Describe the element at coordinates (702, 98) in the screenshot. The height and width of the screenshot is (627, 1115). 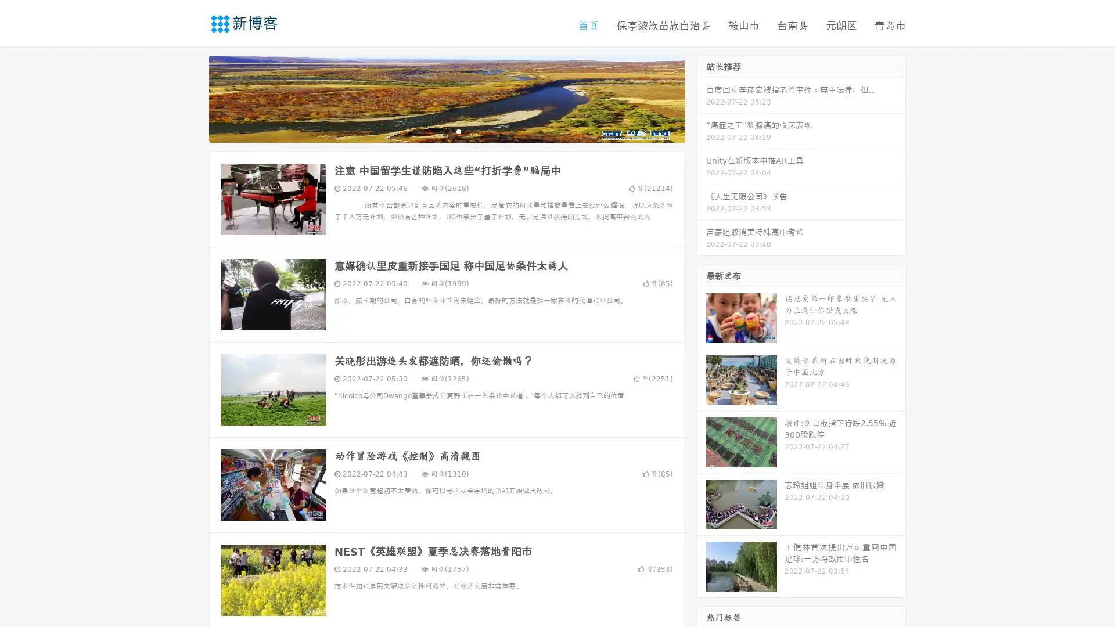
I see `Next slide` at that location.